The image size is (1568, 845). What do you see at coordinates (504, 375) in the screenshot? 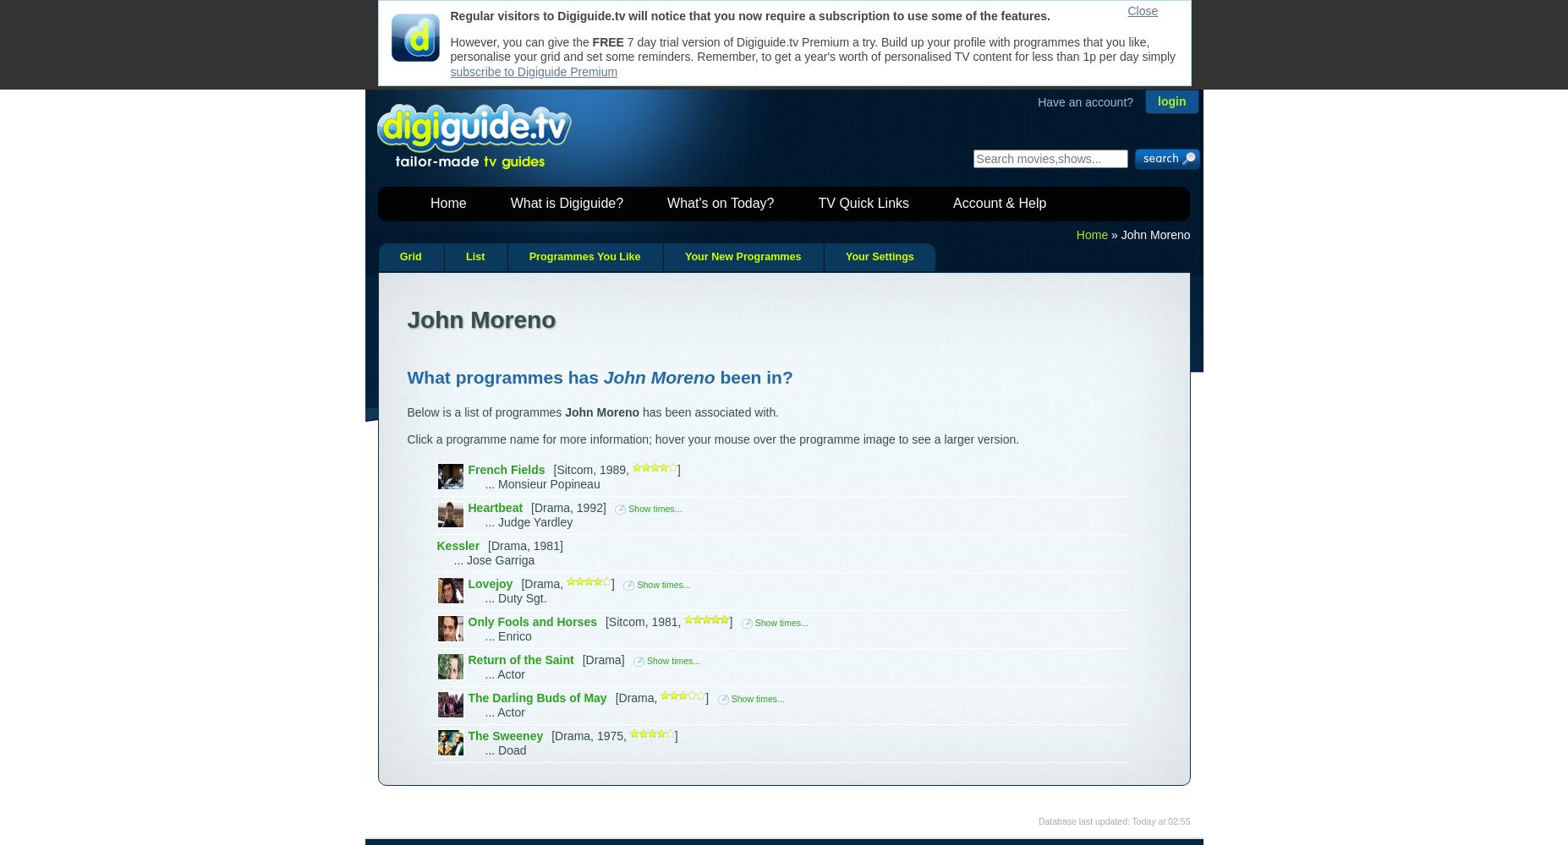
I see `'What programmes has'` at bounding box center [504, 375].